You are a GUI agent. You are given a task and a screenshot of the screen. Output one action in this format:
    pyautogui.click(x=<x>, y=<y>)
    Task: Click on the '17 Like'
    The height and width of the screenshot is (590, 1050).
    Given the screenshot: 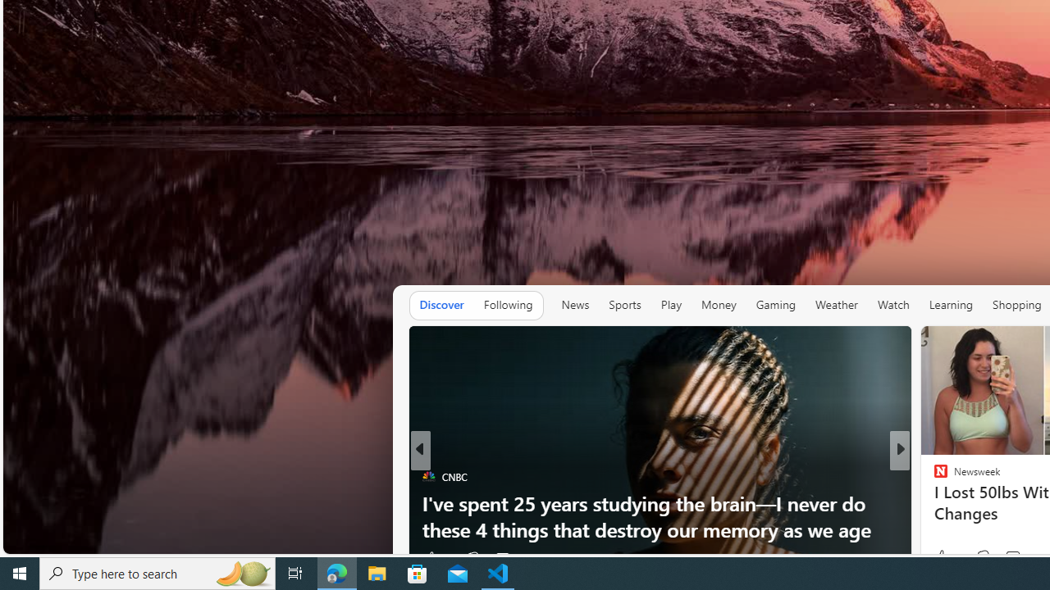 What is the action you would take?
    pyautogui.click(x=943, y=557)
    